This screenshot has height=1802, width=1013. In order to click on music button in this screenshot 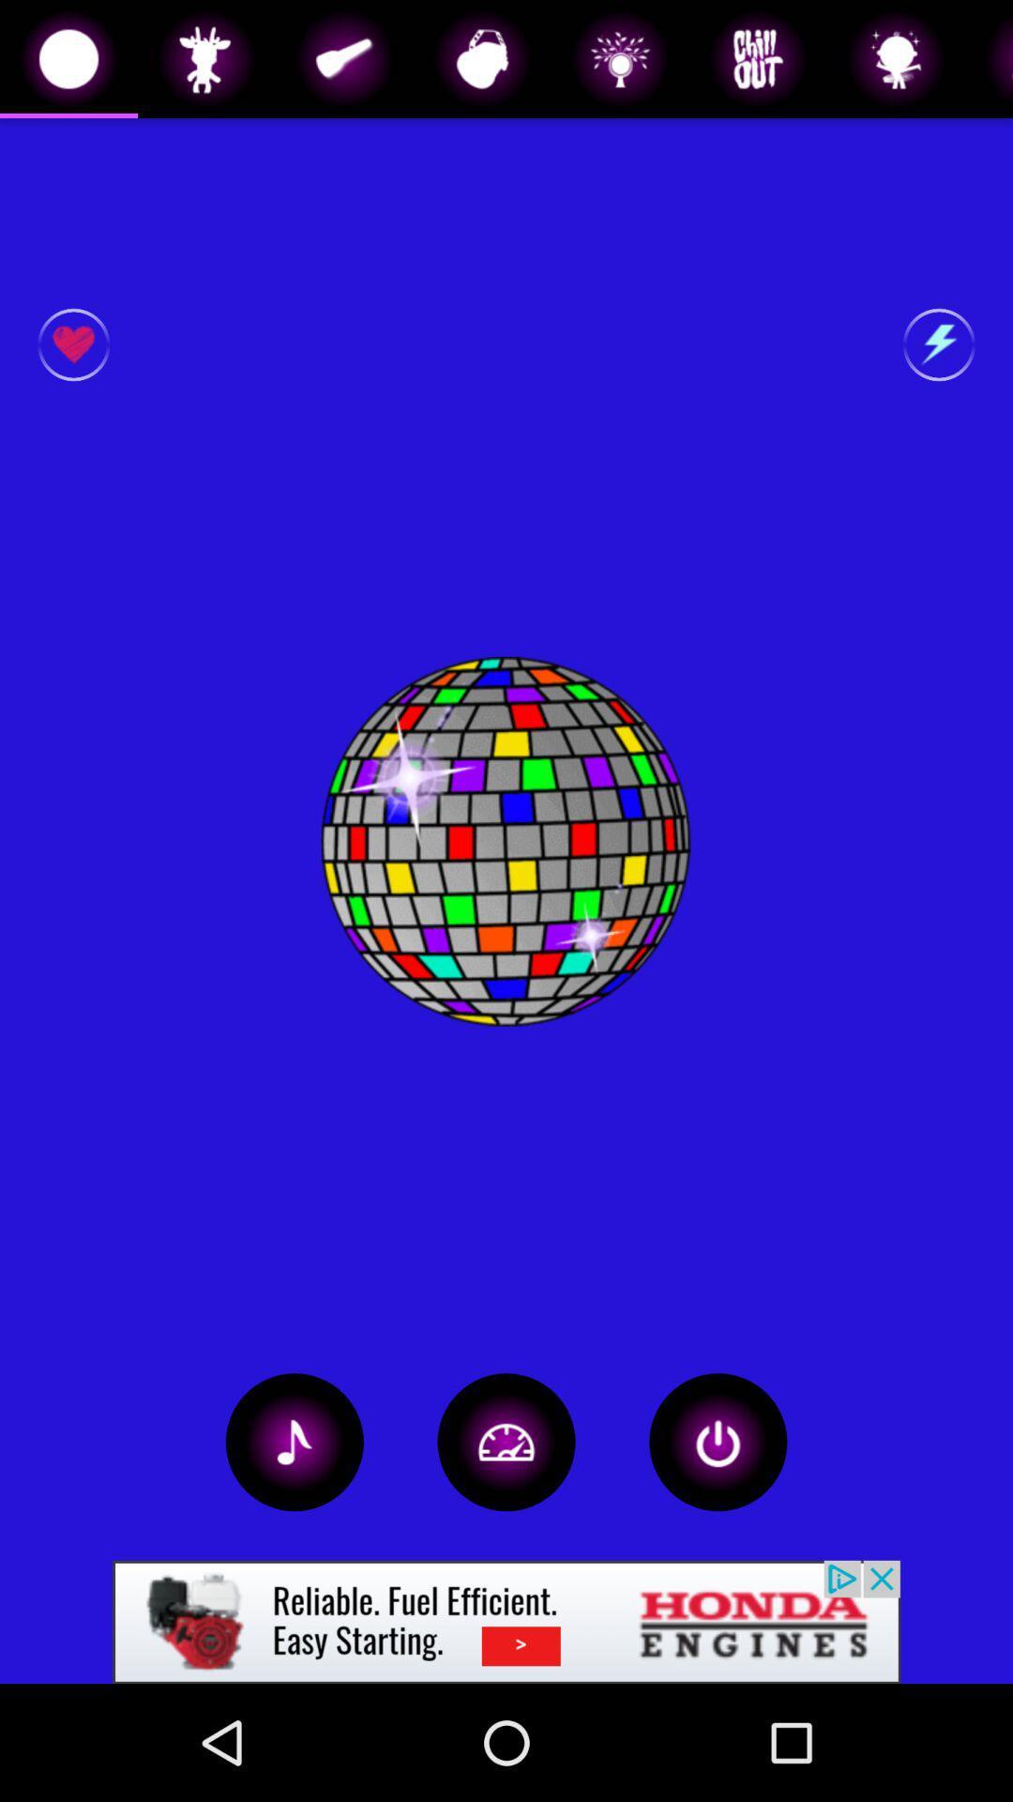, I will do `click(295, 1441)`.